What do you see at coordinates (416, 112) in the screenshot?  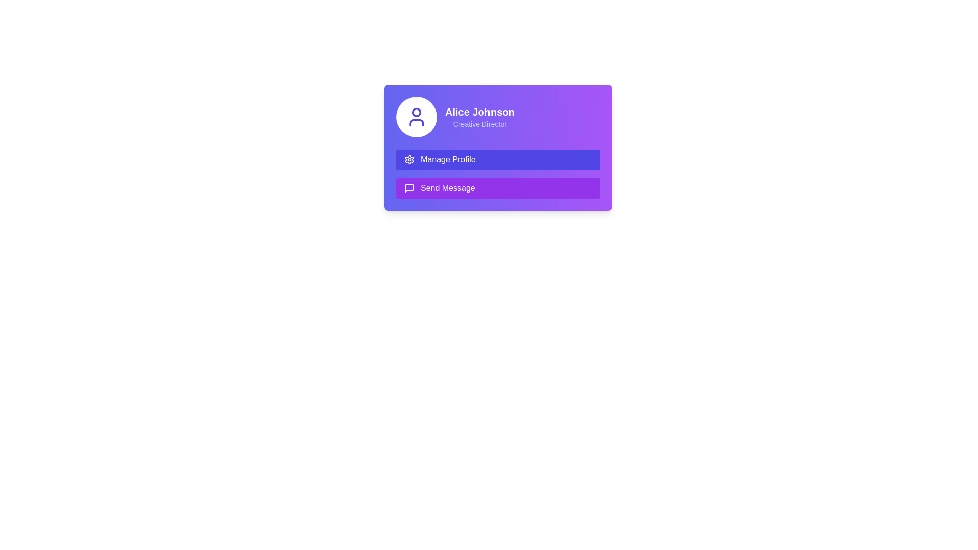 I see `the circular graphic element that enhances the avatar presentation in the user profile card` at bounding box center [416, 112].